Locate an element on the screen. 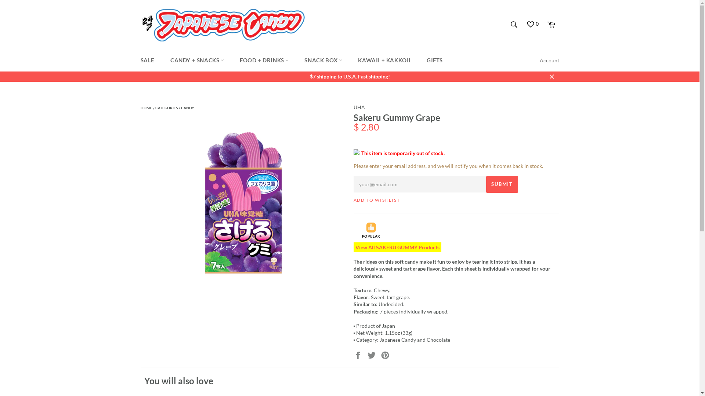 The height and width of the screenshot is (396, 705). 'HOME' is located at coordinates (146, 107).